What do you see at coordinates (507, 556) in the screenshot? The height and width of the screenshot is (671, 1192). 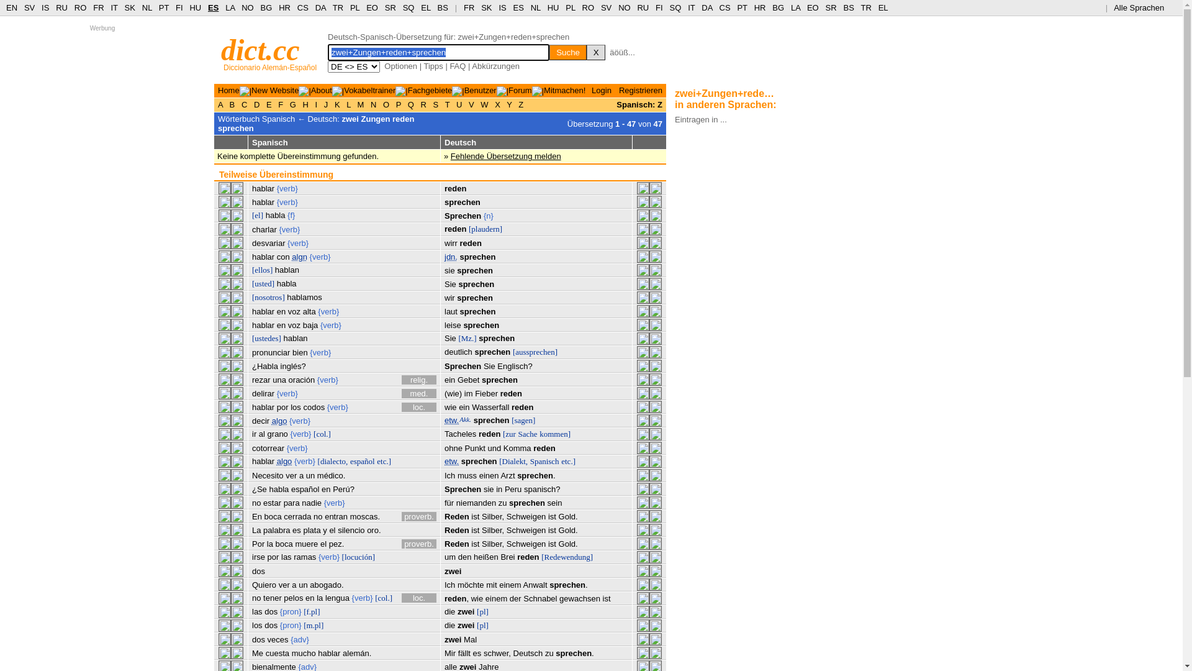 I see `'Brei'` at bounding box center [507, 556].